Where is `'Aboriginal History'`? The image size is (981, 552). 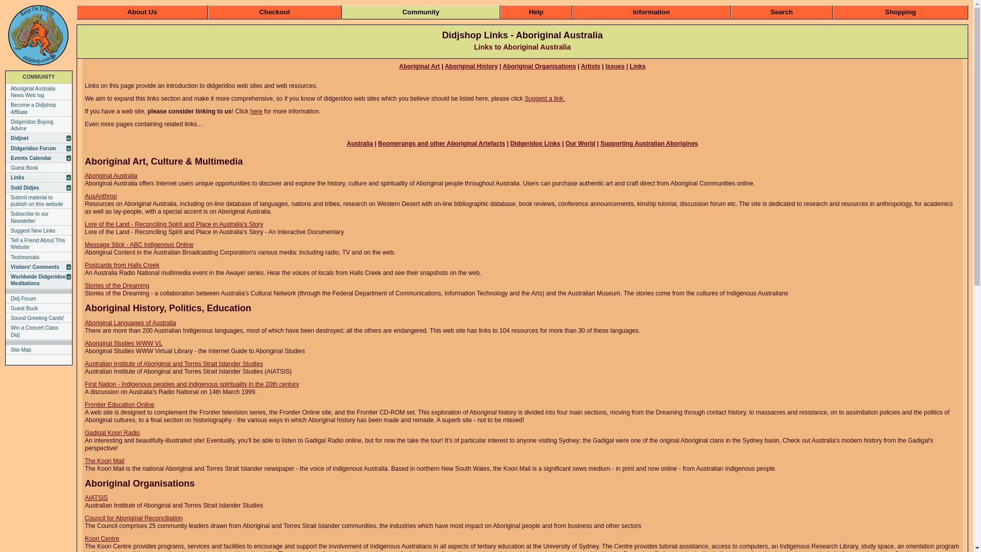
'Aboriginal History' is located at coordinates (470, 66).